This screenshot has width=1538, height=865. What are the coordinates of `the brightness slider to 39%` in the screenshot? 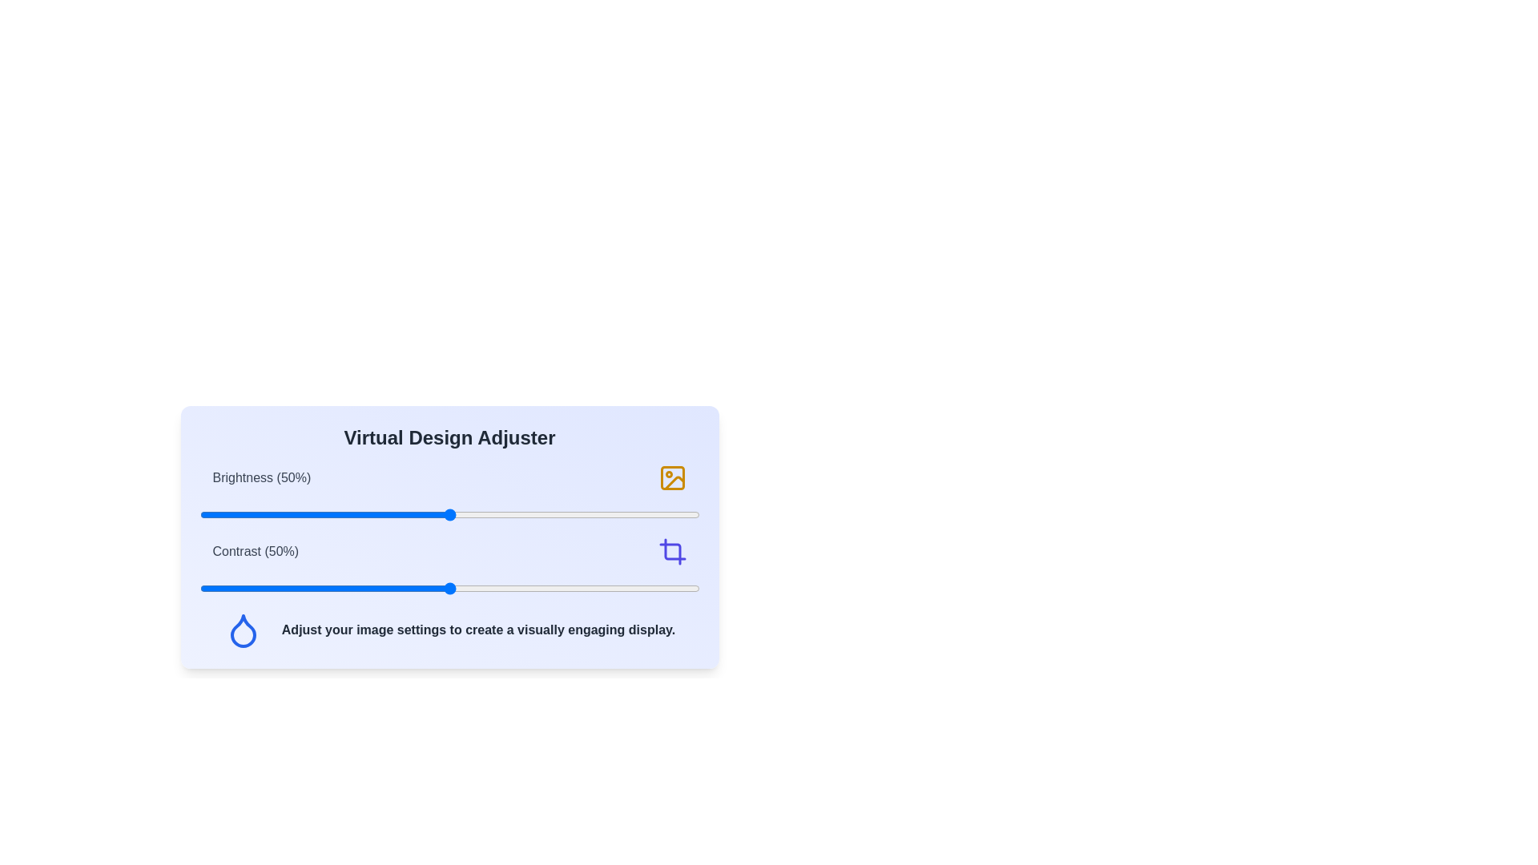 It's located at (394, 515).